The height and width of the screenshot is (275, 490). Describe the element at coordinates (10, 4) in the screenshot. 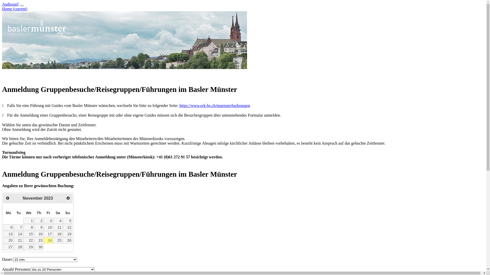

I see `'Audiosurf'` at that location.